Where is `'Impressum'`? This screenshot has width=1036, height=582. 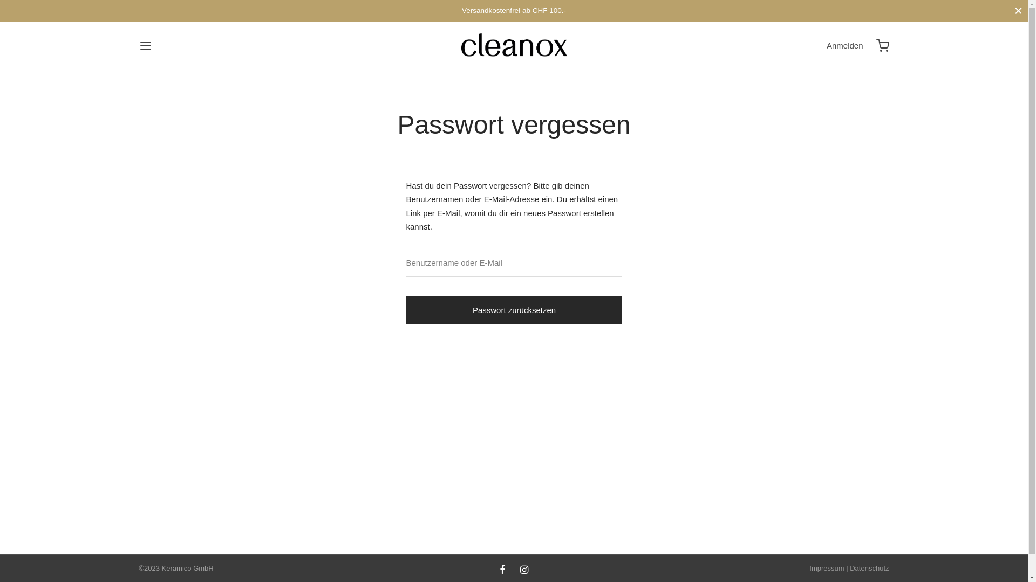
'Impressum' is located at coordinates (826, 567).